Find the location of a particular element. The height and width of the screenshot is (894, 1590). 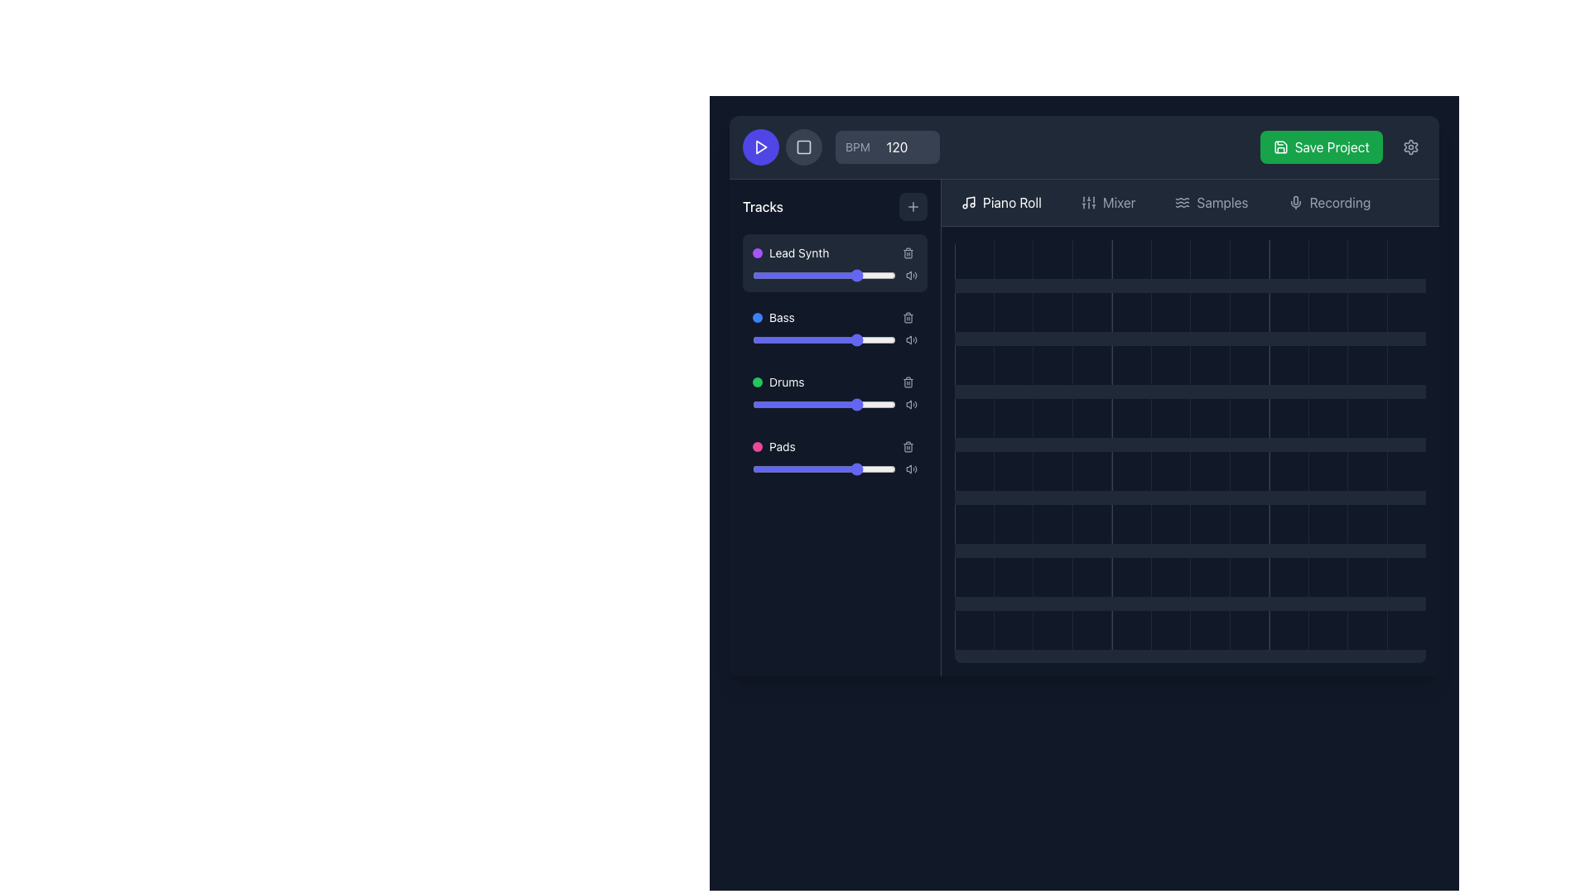

the square grid cell located in the fifth row and ninth column of the 12x12 grid layout with a dark-gray background is located at coordinates (1288, 471).